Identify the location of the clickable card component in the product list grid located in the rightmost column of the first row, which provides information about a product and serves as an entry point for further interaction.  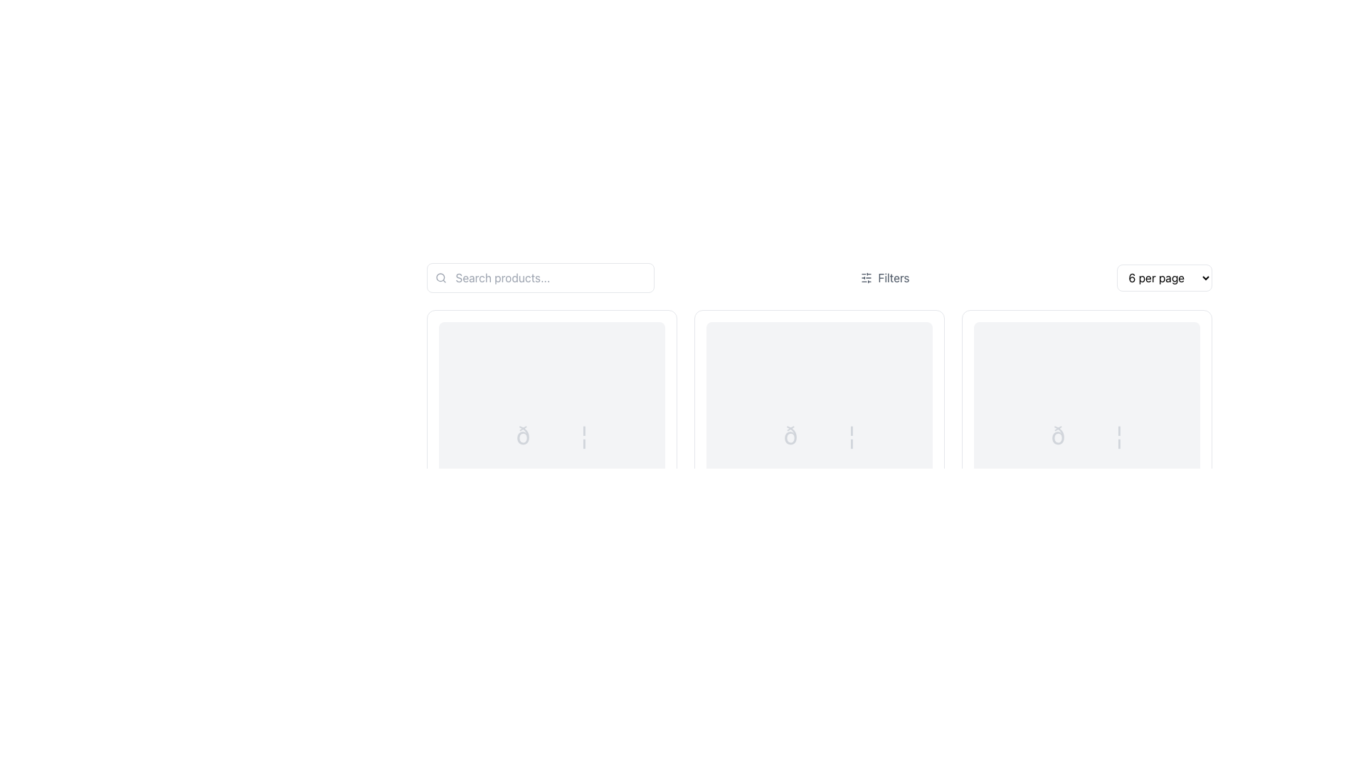
(1086, 462).